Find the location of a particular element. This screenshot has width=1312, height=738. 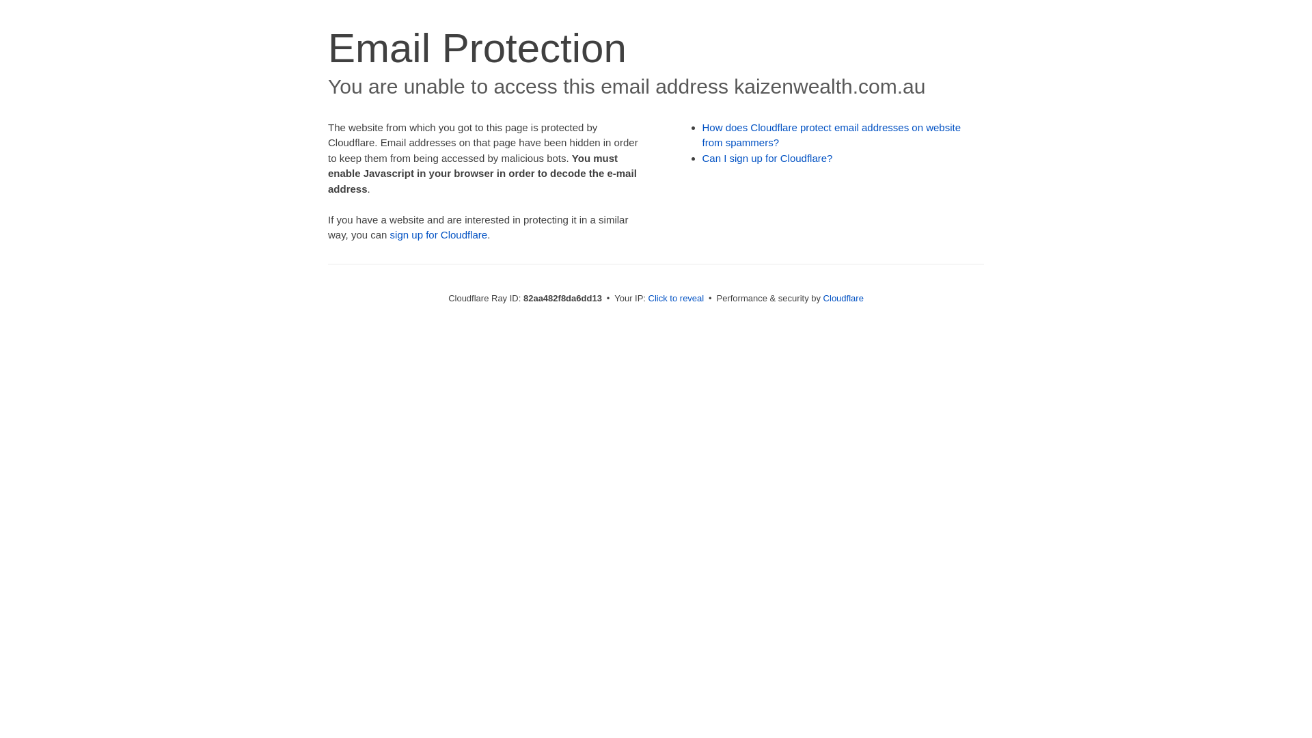

'Can I sign up for Cloudflare?' is located at coordinates (767, 157).